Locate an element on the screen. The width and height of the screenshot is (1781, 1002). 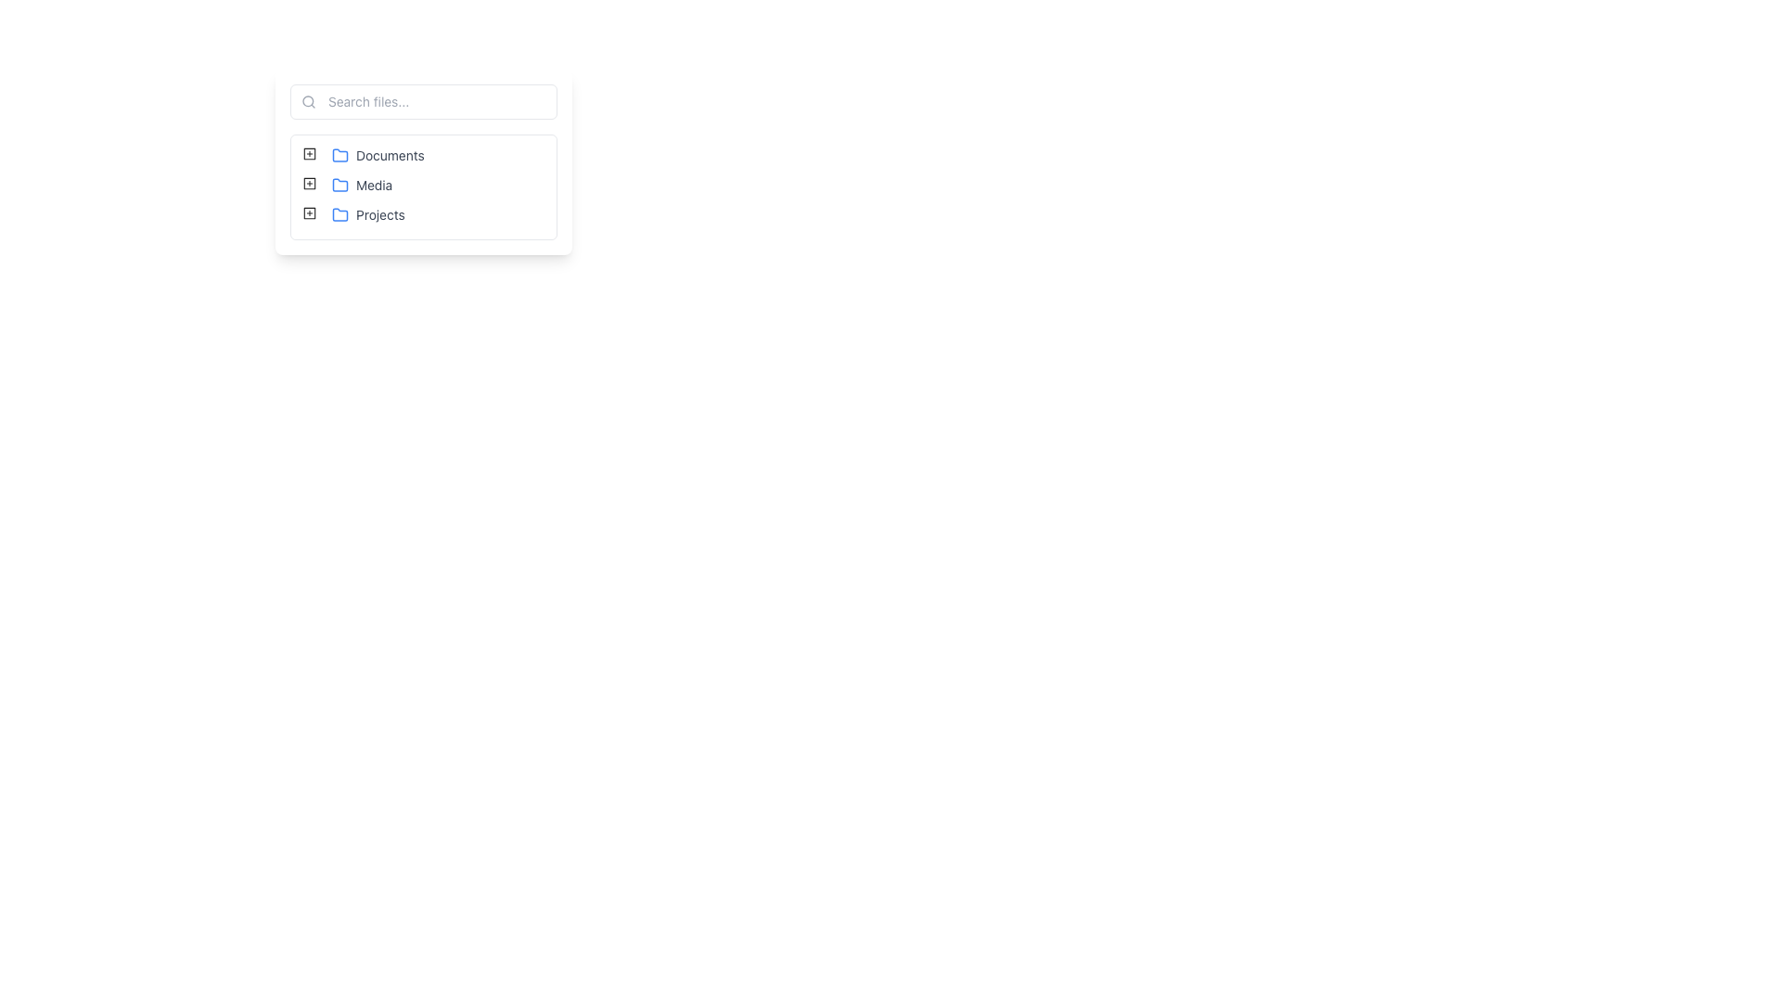
the tree-switcher icon button is located at coordinates (310, 152).